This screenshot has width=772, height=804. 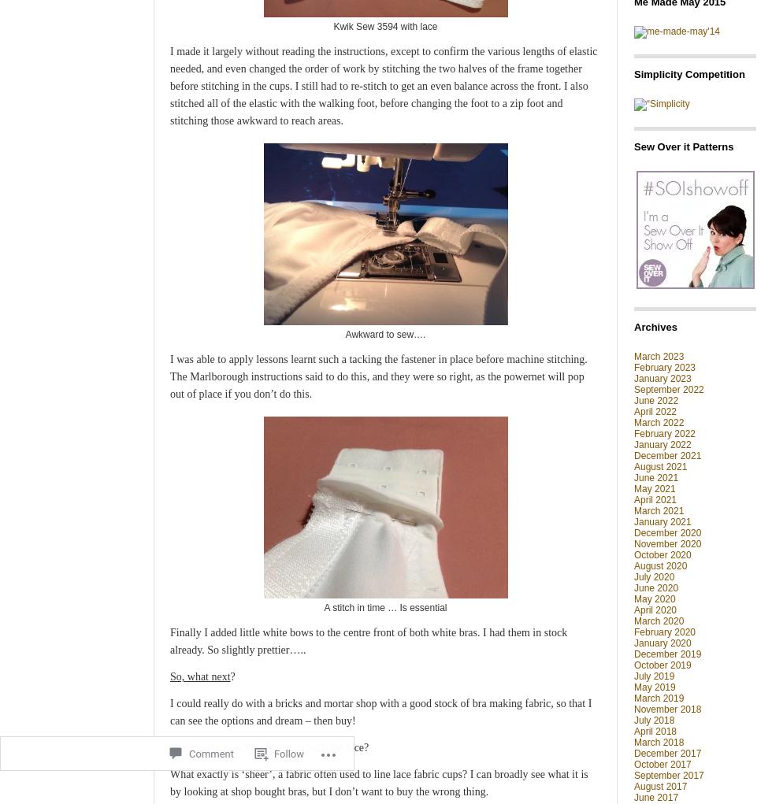 What do you see at coordinates (655, 609) in the screenshot?
I see `'April 2020'` at bounding box center [655, 609].